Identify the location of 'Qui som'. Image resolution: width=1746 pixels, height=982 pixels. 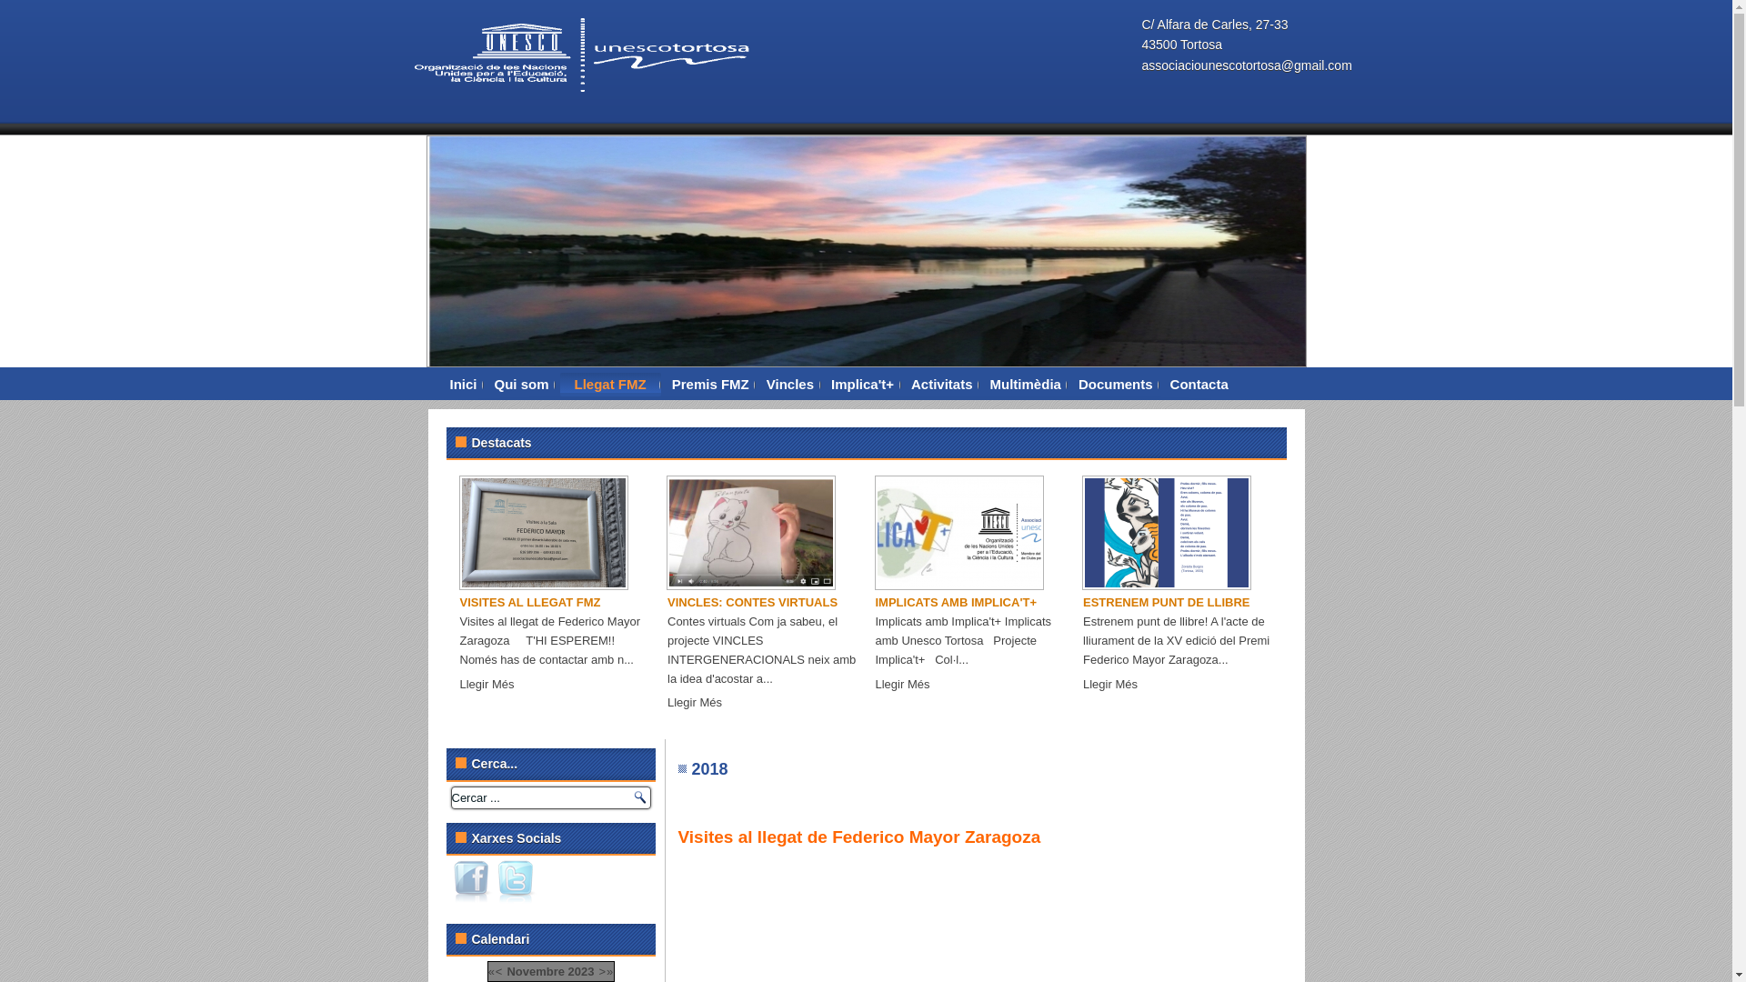
(521, 384).